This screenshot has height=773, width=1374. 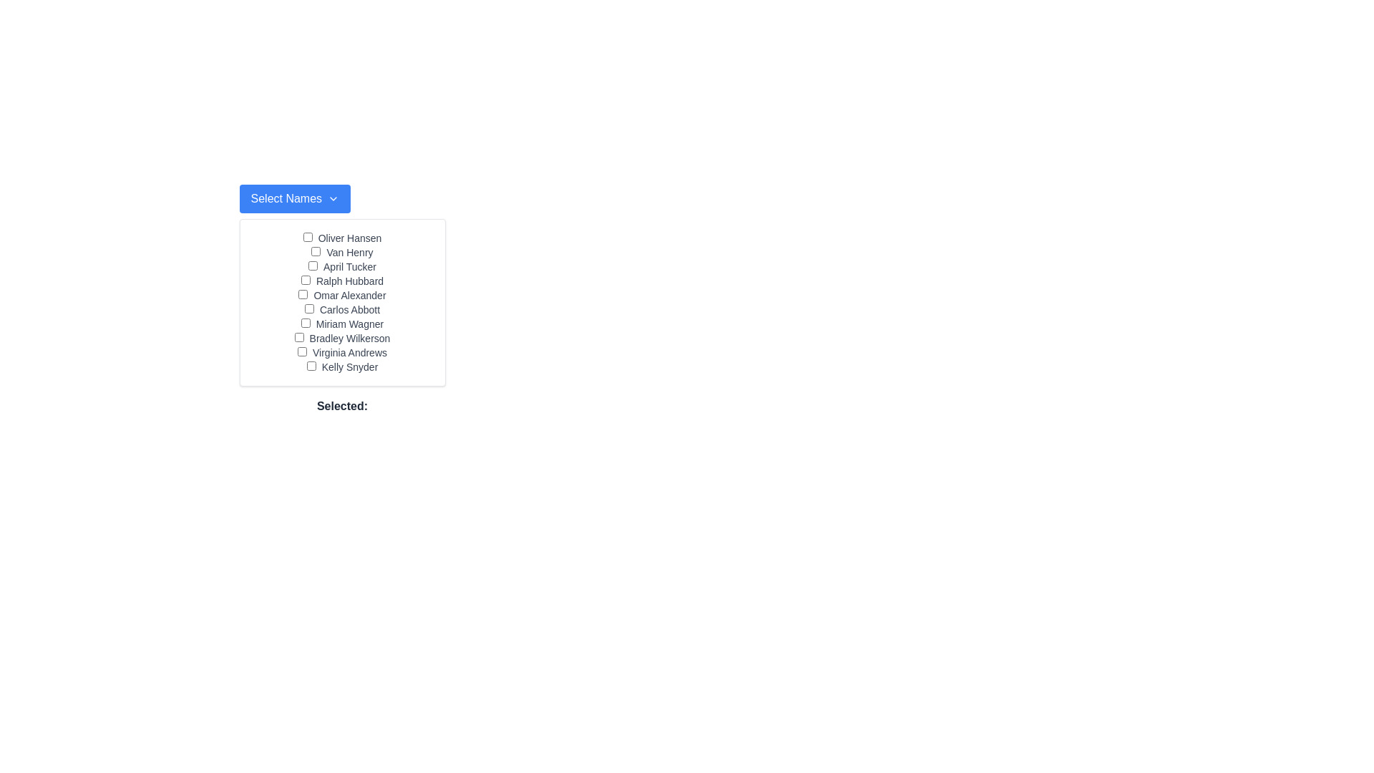 I want to click on the label displaying the text 'Bradley Wilkerson', which is the 8th entry in a vertical list of names, styled in gray and small text, located below the 'Select Names' dropdown, so click(x=341, y=339).